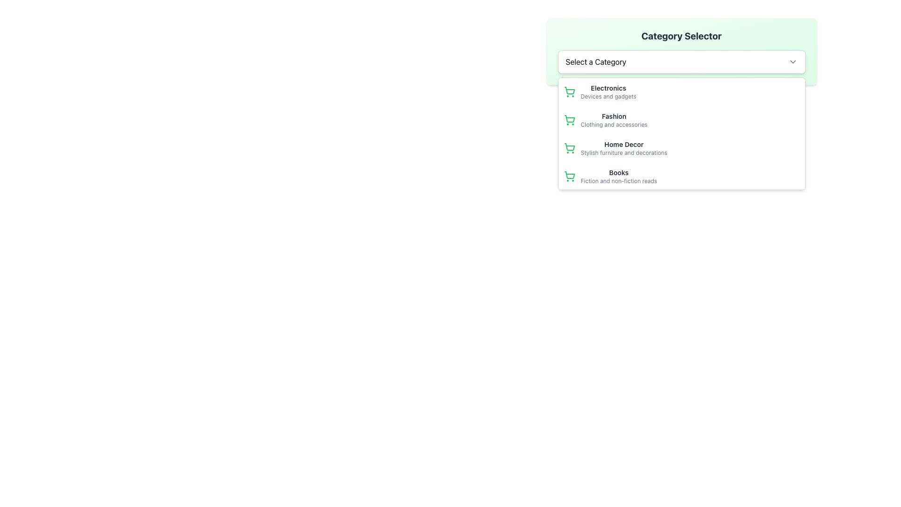 The image size is (901, 507). What do you see at coordinates (569, 118) in the screenshot?
I see `the green shopping cart icon located to the far left of the 'Fashion' item in the 'Category Selector' dropdown menu` at bounding box center [569, 118].